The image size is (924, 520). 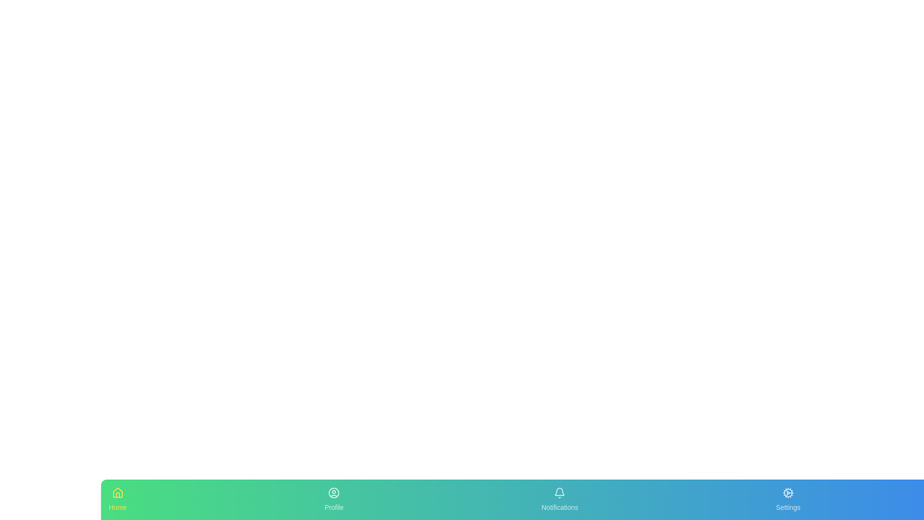 What do you see at coordinates (117, 499) in the screenshot?
I see `the tab labeled Home in the bottom navigation` at bounding box center [117, 499].